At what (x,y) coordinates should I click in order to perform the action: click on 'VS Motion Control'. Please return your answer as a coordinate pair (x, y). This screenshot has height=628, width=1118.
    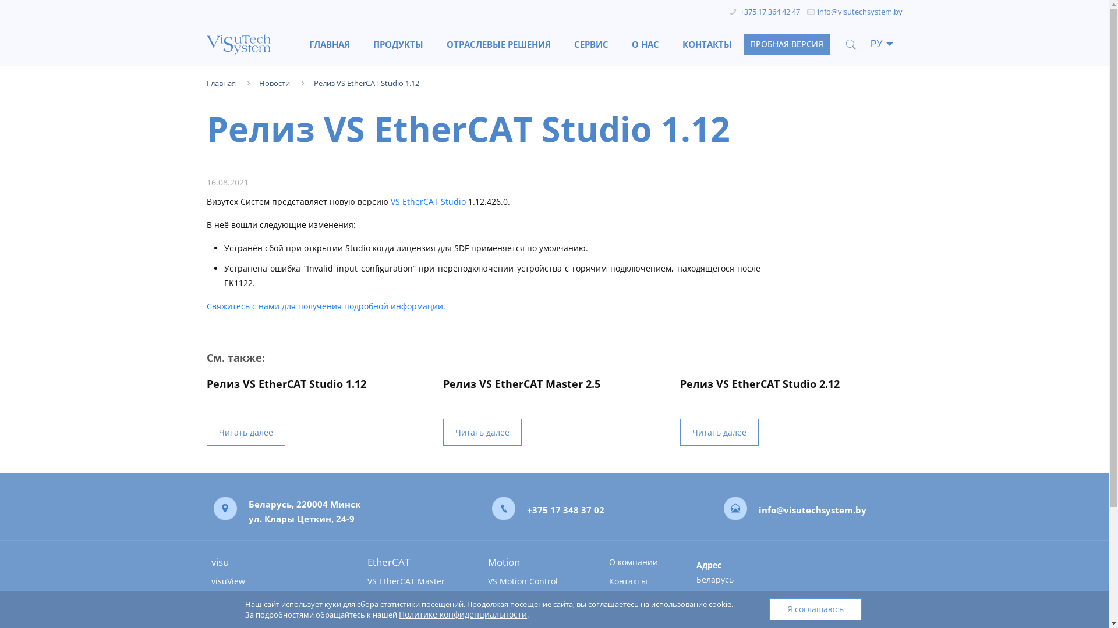
    Looking at the image, I should click on (534, 581).